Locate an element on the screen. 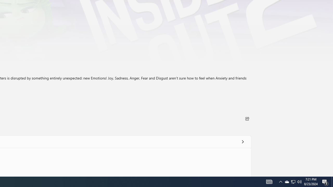  'See all' is located at coordinates (242, 142).